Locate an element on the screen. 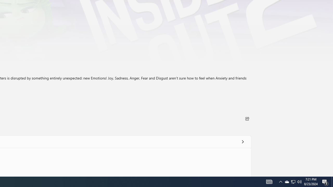  'See all' is located at coordinates (242, 142).